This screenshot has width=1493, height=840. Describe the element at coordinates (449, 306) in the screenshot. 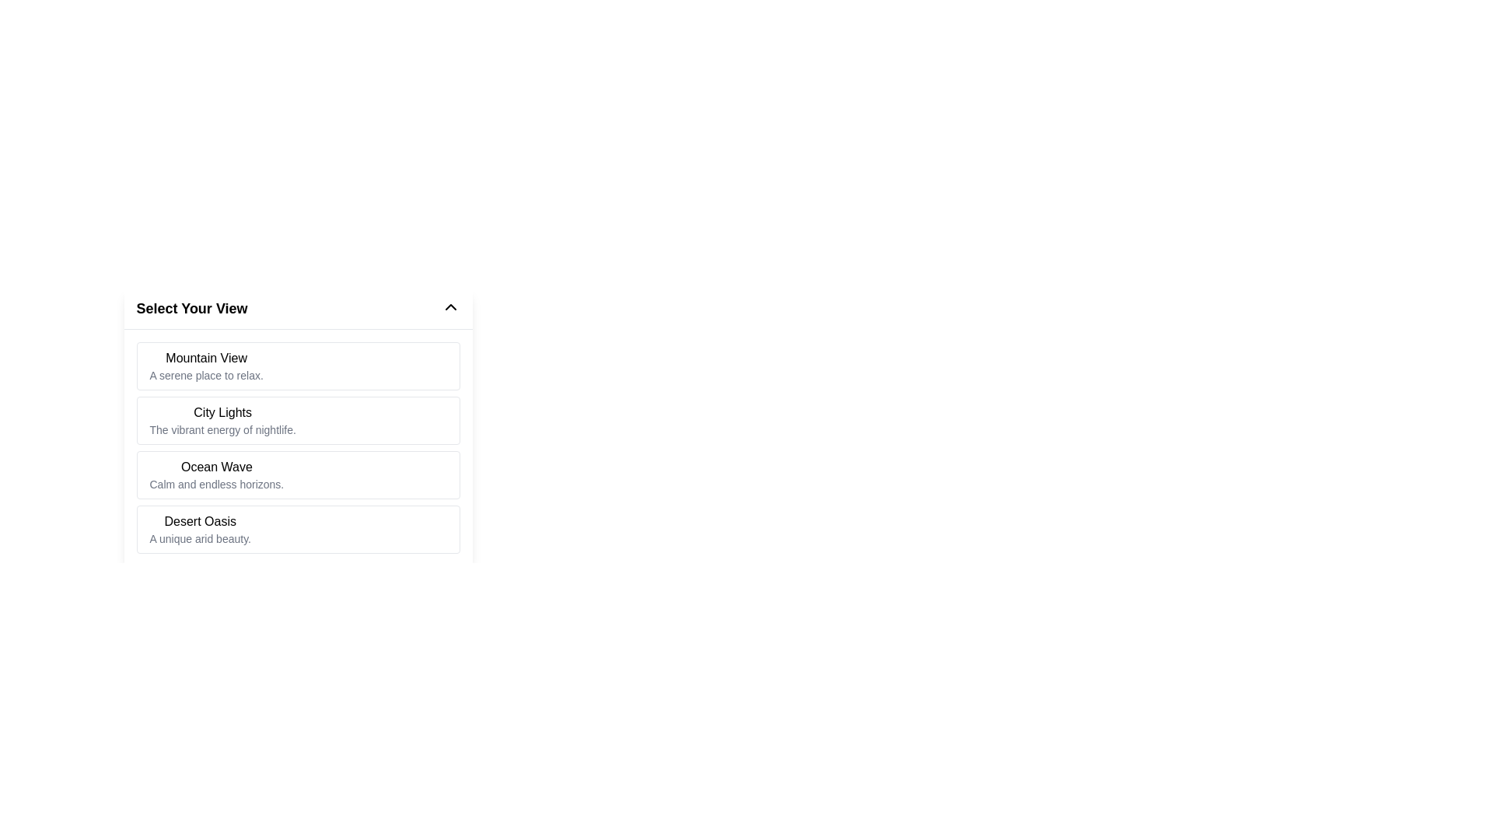

I see `the upward-pointing chevron icon located at the top-right corner of the 'Select Your View' header bar` at that location.